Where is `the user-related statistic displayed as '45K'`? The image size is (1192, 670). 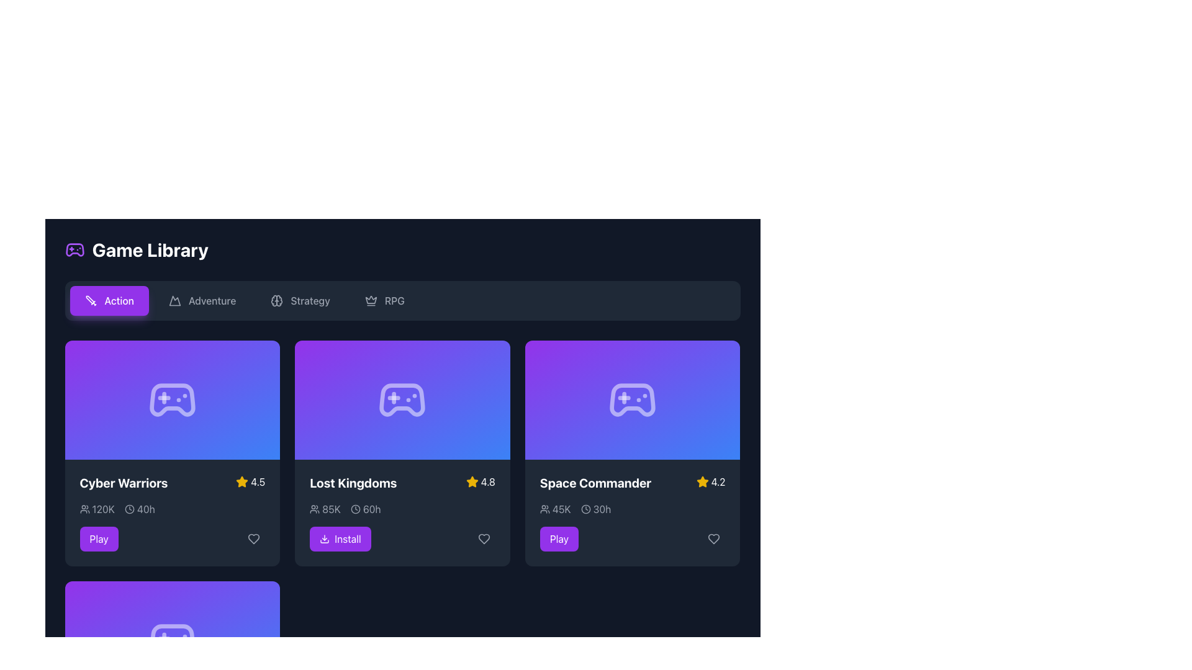
the user-related statistic displayed as '45K' is located at coordinates (561, 509).